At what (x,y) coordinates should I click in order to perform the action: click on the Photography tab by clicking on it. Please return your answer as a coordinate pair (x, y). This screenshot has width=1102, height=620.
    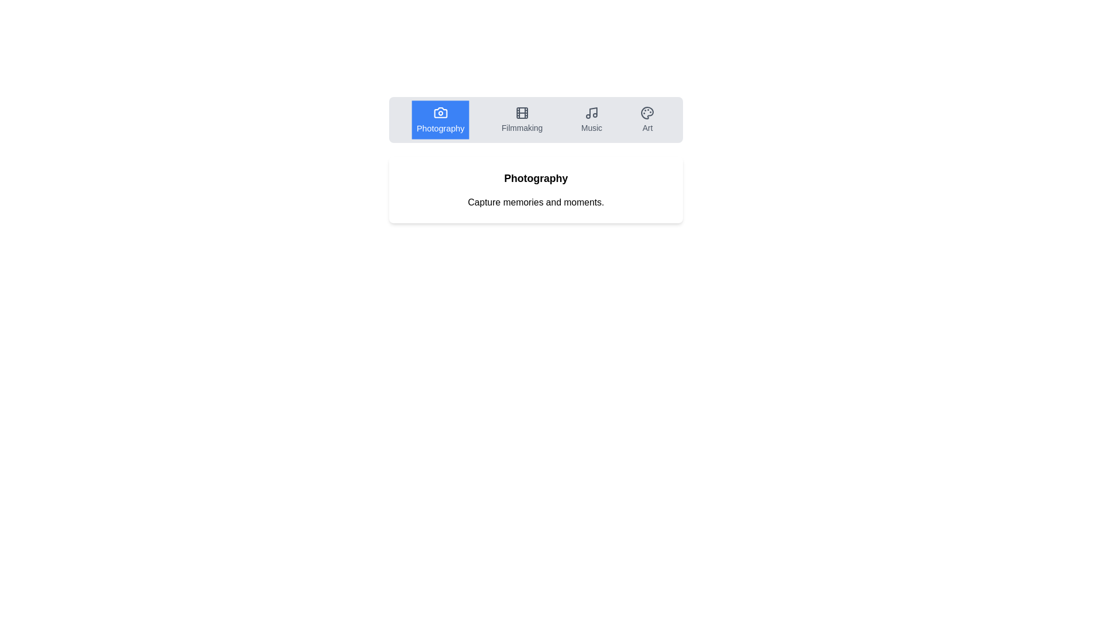
    Looking at the image, I should click on (440, 119).